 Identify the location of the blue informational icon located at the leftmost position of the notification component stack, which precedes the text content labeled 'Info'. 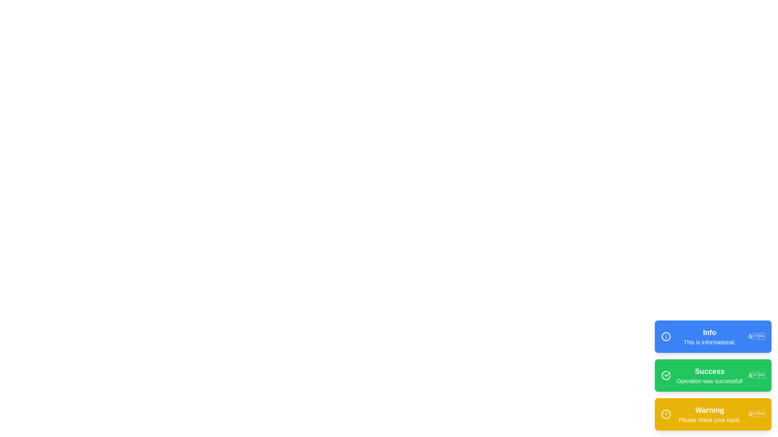
(666, 337).